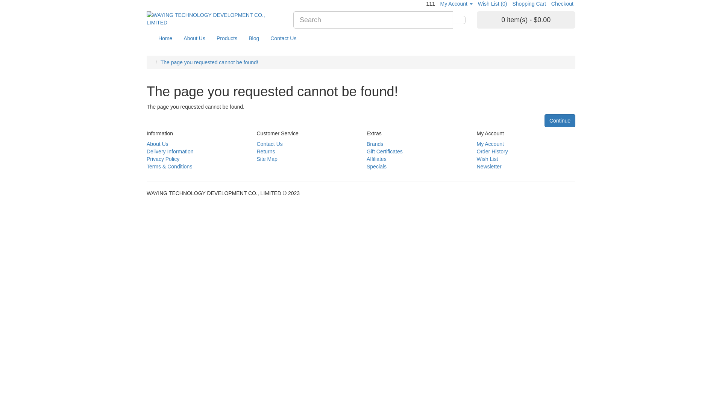  Describe the element at coordinates (214, 18) in the screenshot. I see `'WAYING TECHNOLOGY DEVELOPMENT CO., LIMITED'` at that location.